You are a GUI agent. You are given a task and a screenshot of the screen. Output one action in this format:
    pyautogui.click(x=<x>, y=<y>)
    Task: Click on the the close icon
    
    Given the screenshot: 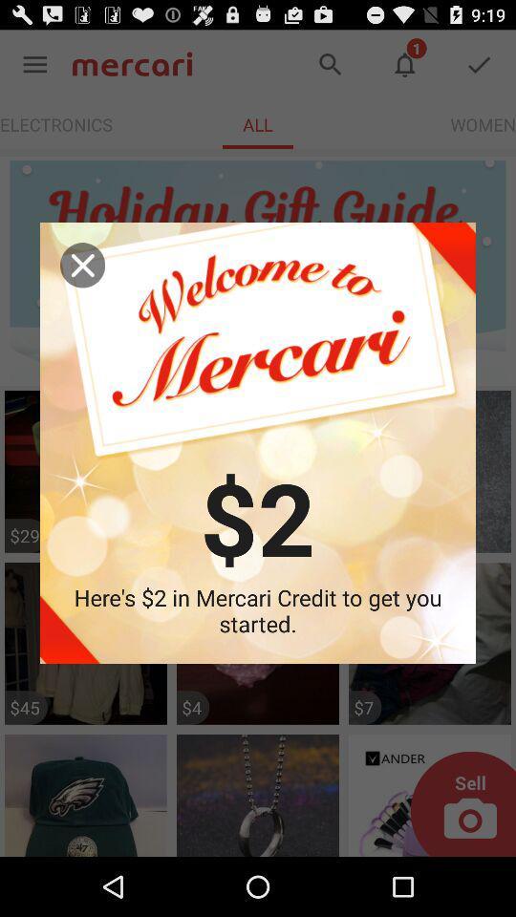 What is the action you would take?
    pyautogui.click(x=81, y=283)
    